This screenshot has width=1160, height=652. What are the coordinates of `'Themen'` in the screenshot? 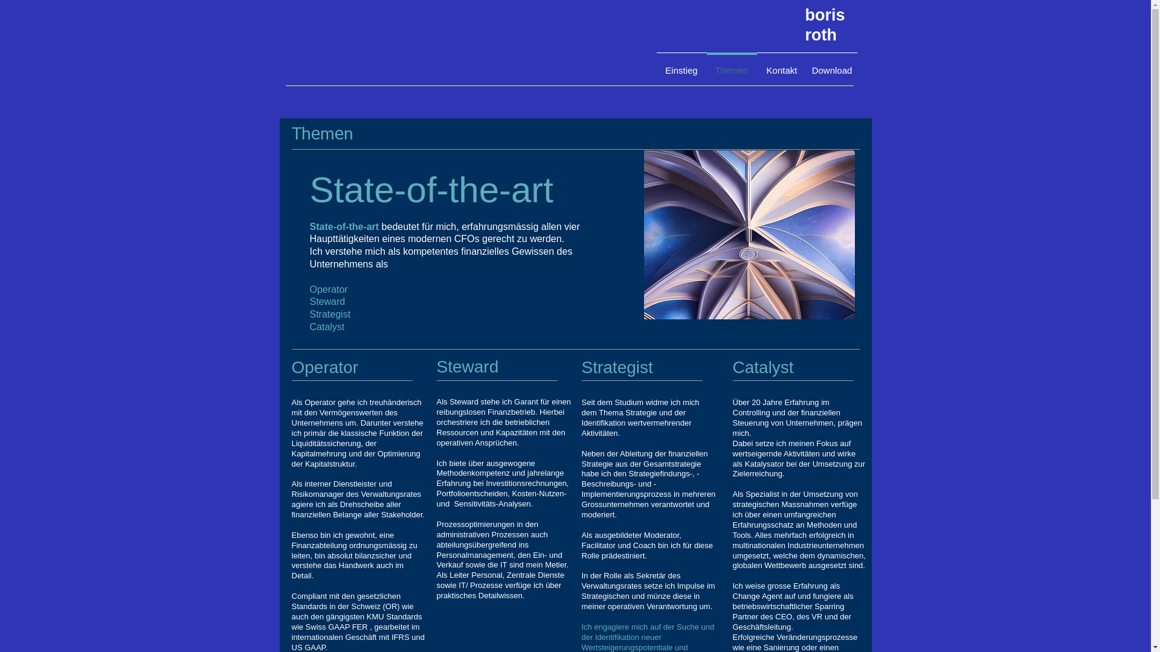 It's located at (731, 65).